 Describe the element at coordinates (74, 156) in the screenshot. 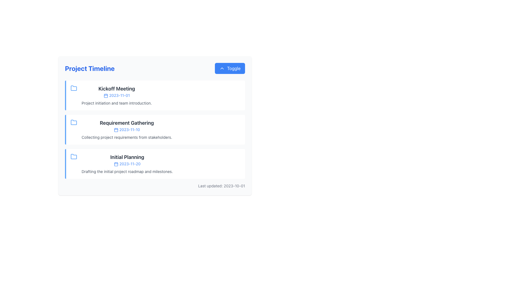

I see `the folder icon located in the third section under 'Project Timeline', next to 'Initial Planning' and the date '2023-11-20'` at that location.